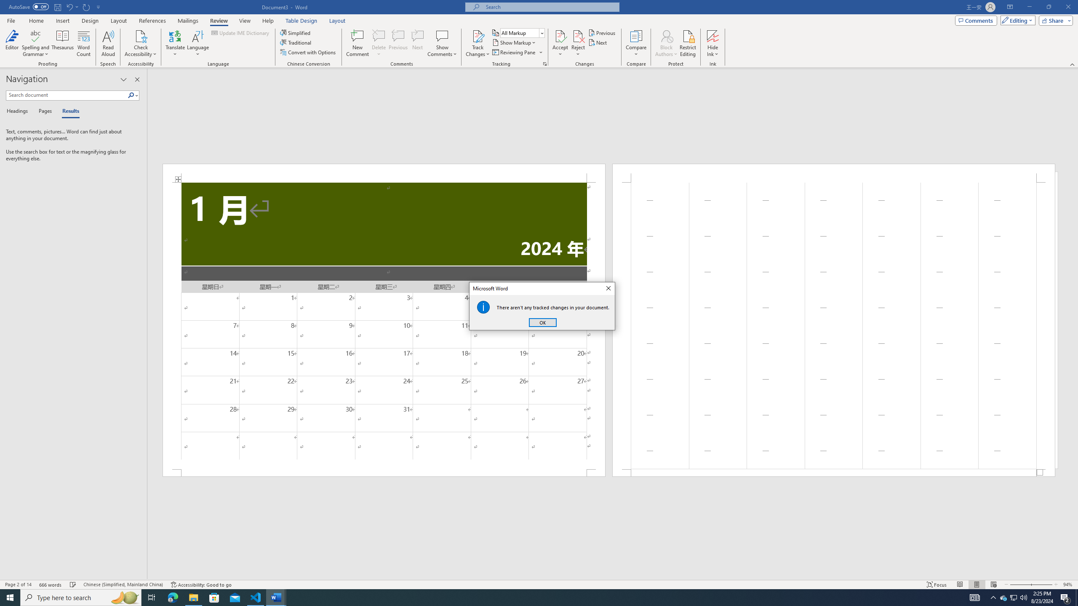 The image size is (1078, 606). Describe the element at coordinates (515, 42) in the screenshot. I see `'Show Markup'` at that location.